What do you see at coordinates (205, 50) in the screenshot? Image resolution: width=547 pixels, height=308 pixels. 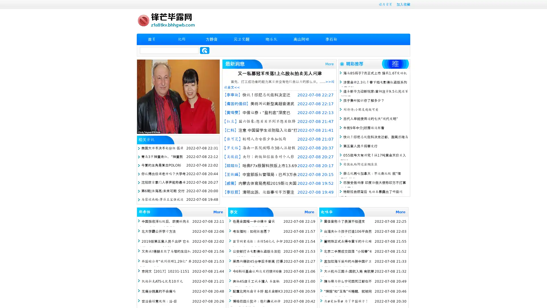 I see `Search` at bounding box center [205, 50].